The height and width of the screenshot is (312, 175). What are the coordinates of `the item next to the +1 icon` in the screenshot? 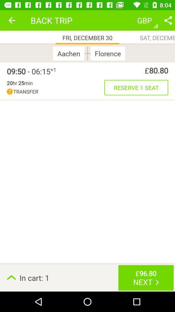 It's located at (28, 71).